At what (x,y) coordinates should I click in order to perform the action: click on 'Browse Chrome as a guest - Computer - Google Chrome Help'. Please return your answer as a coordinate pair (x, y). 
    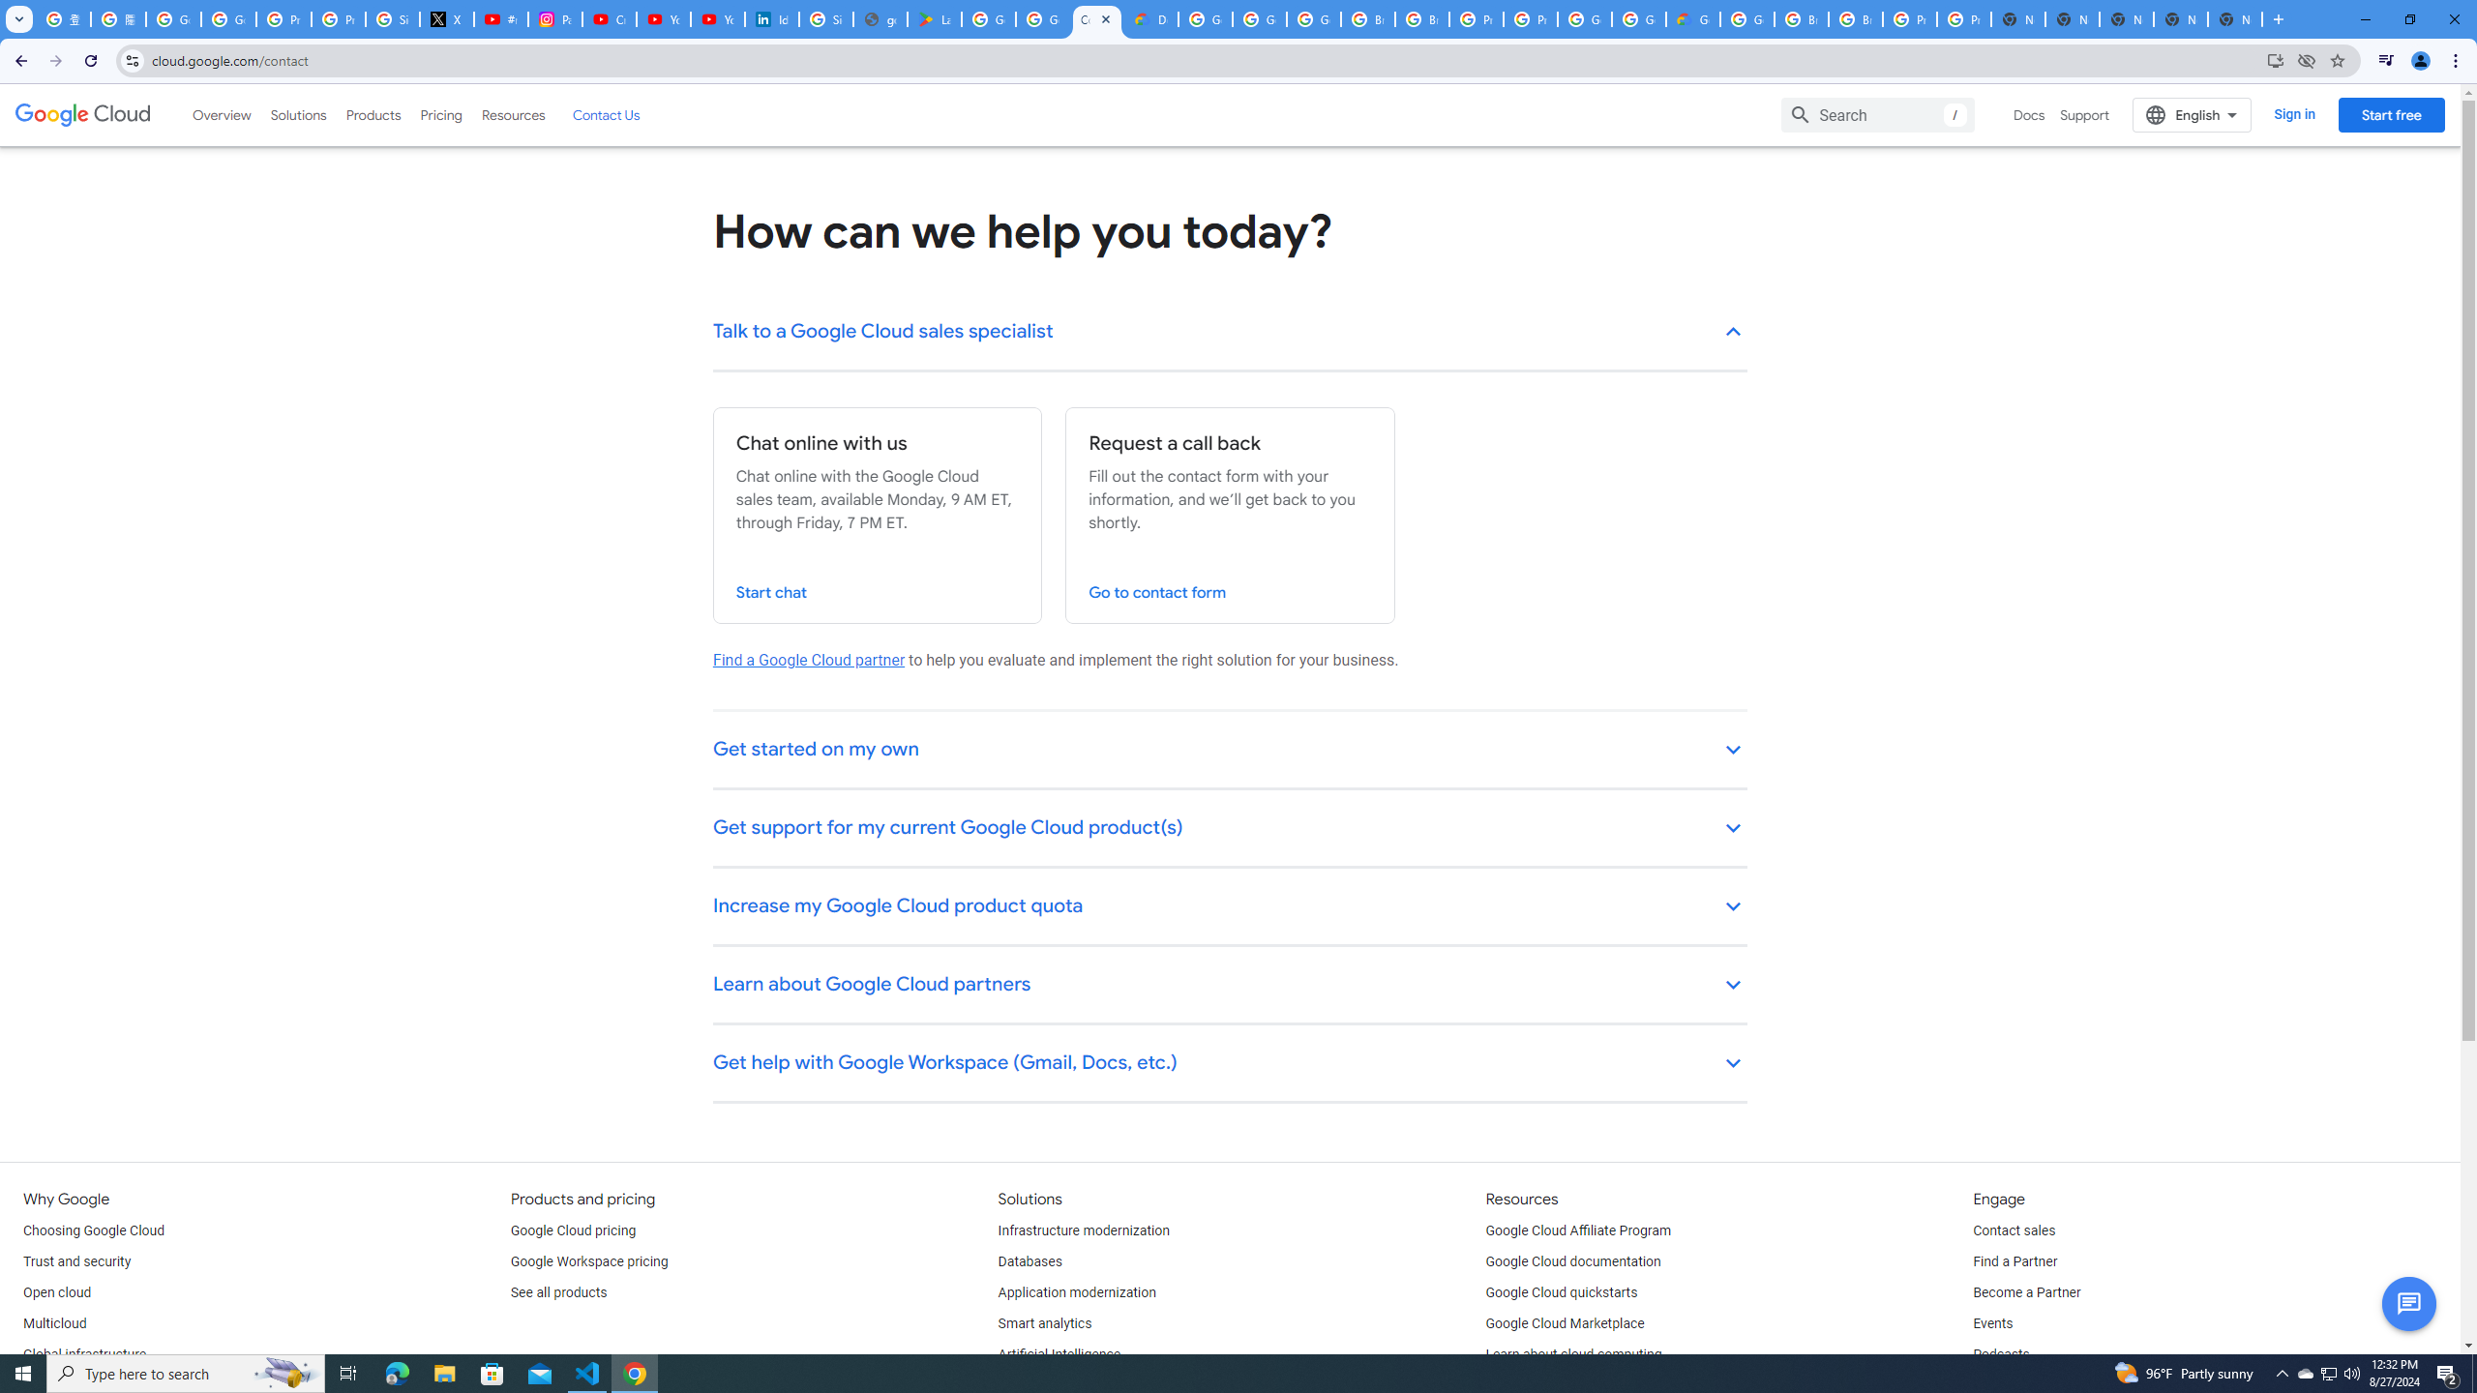
    Looking at the image, I should click on (1368, 18).